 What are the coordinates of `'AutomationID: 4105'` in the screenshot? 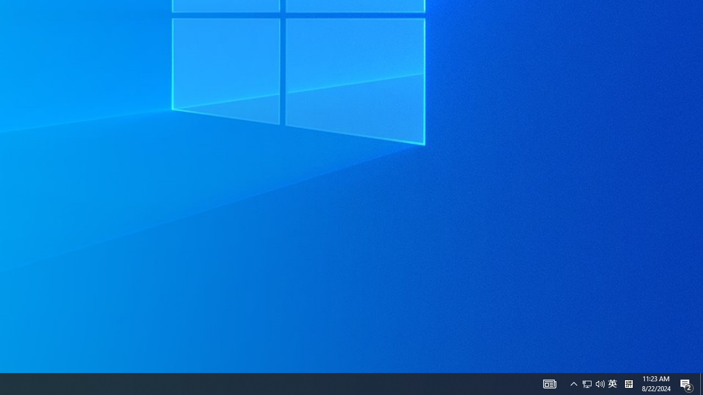 It's located at (549, 383).